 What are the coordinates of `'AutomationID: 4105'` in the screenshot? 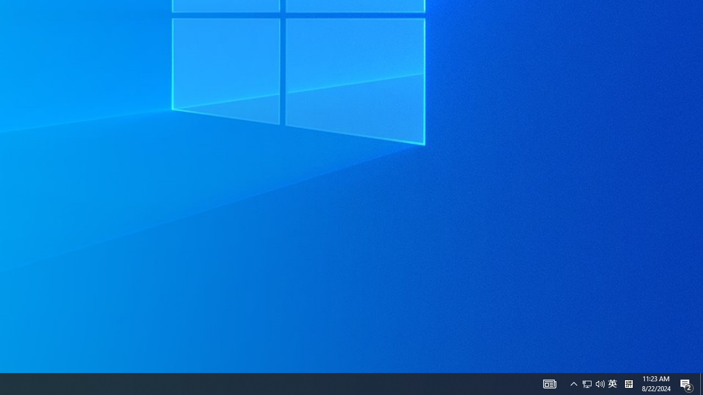 It's located at (549, 383).